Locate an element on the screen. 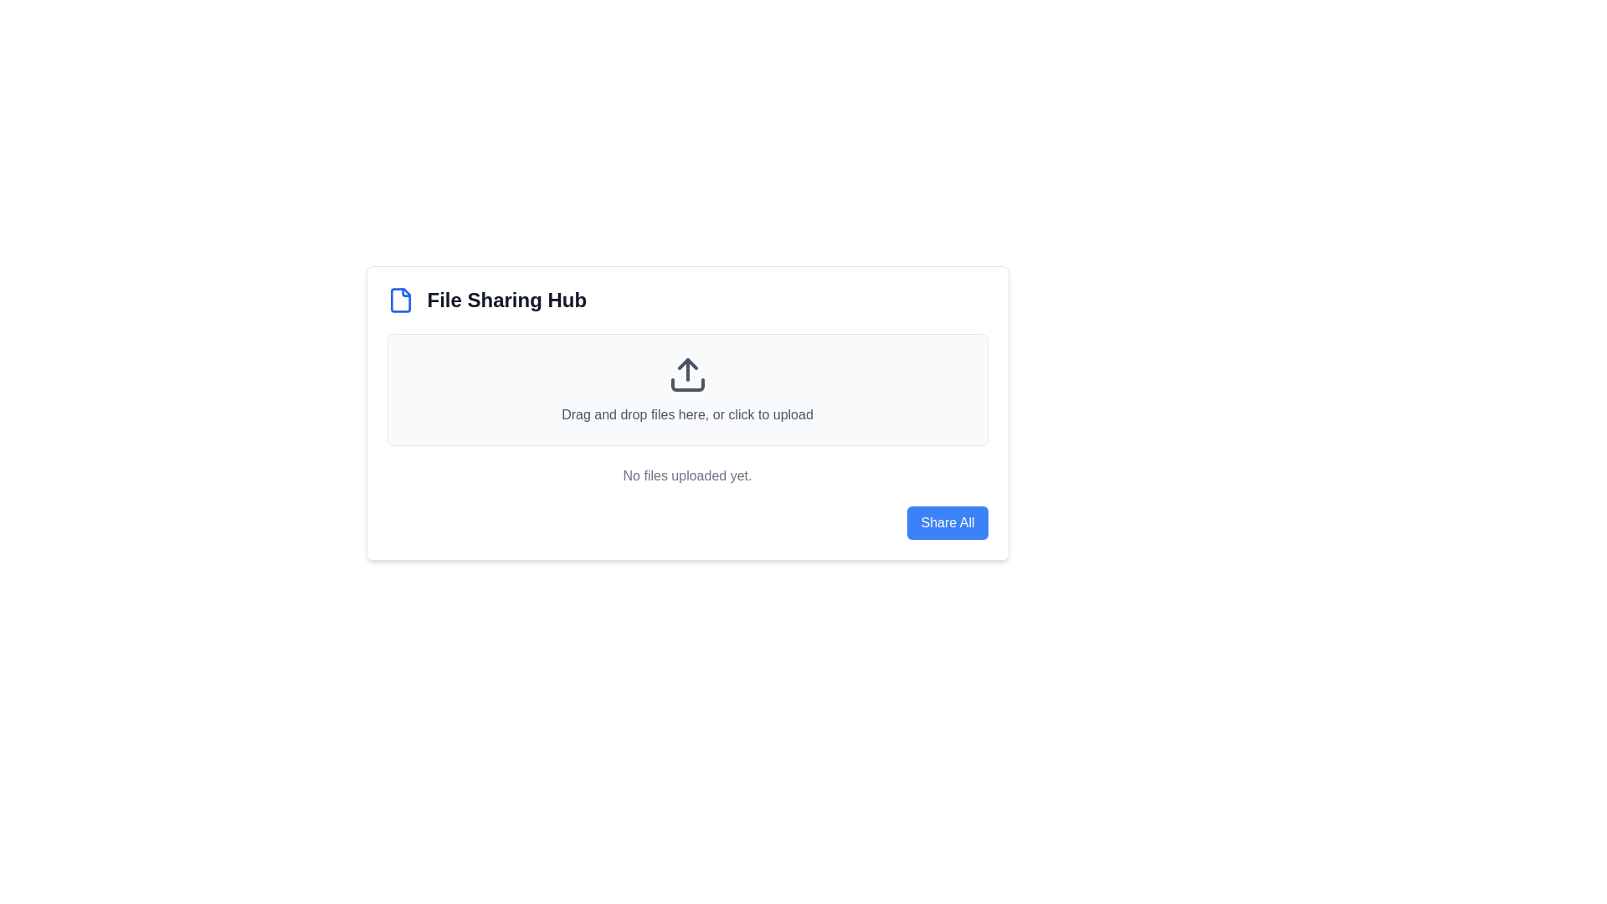 The height and width of the screenshot is (904, 1607). the bottom segment of the upload icon is located at coordinates (687, 384).